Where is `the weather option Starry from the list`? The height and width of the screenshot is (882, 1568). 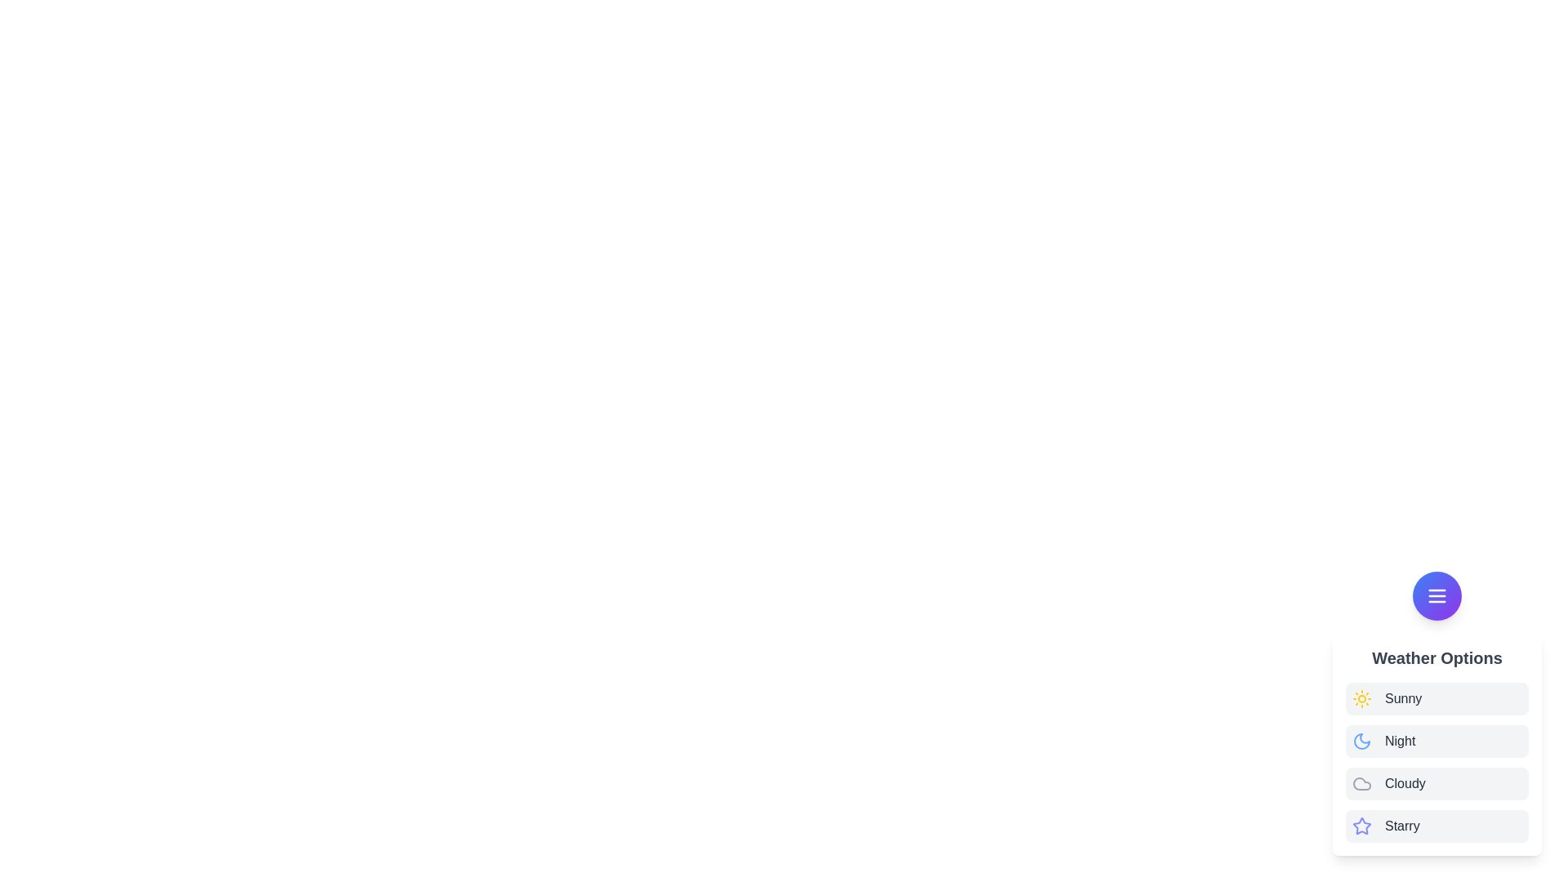 the weather option Starry from the list is located at coordinates (1437, 826).